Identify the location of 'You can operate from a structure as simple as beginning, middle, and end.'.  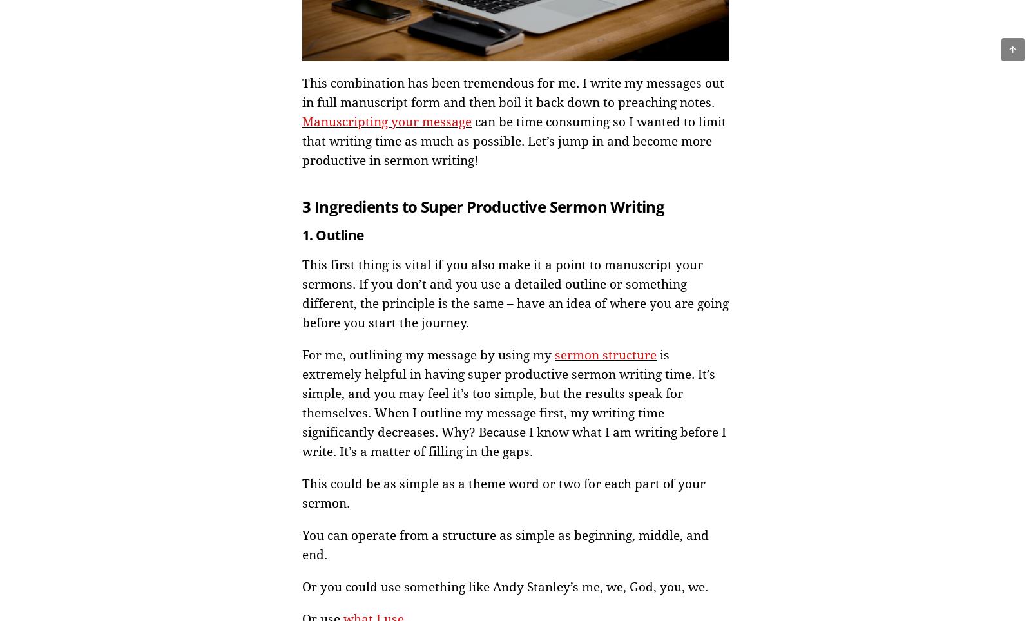
(505, 545).